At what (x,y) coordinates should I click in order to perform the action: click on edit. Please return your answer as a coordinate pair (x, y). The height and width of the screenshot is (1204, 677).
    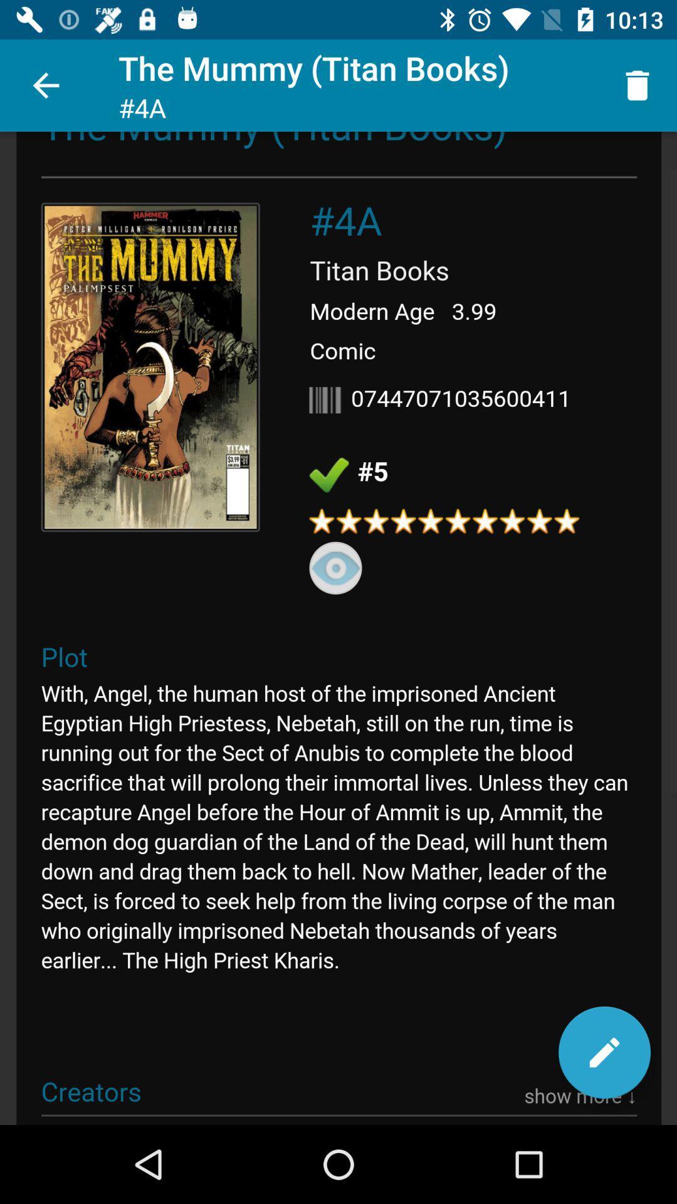
    Looking at the image, I should click on (604, 1052).